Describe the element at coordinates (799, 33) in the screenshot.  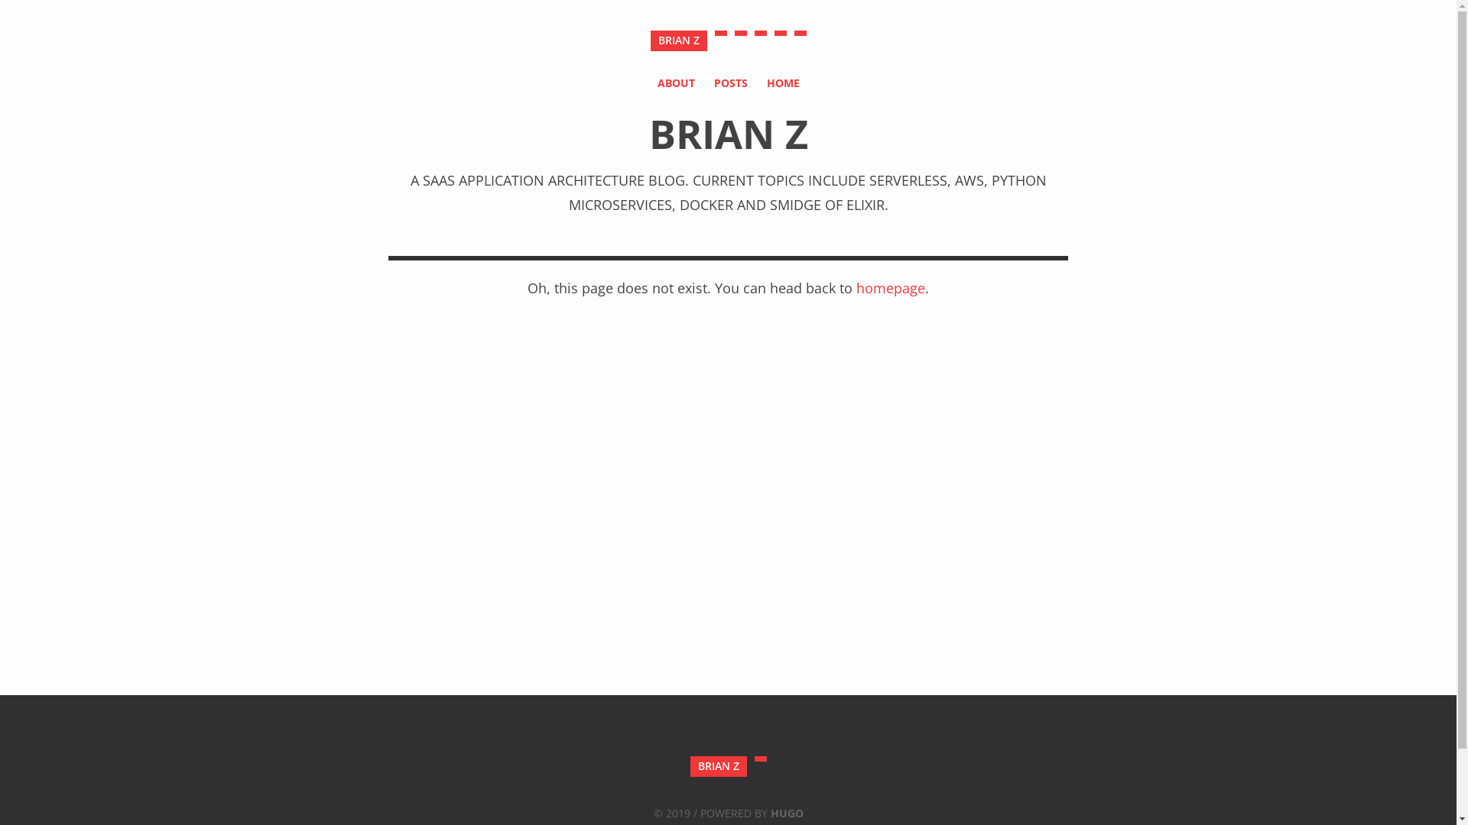
I see `'LinkedIn'` at that location.